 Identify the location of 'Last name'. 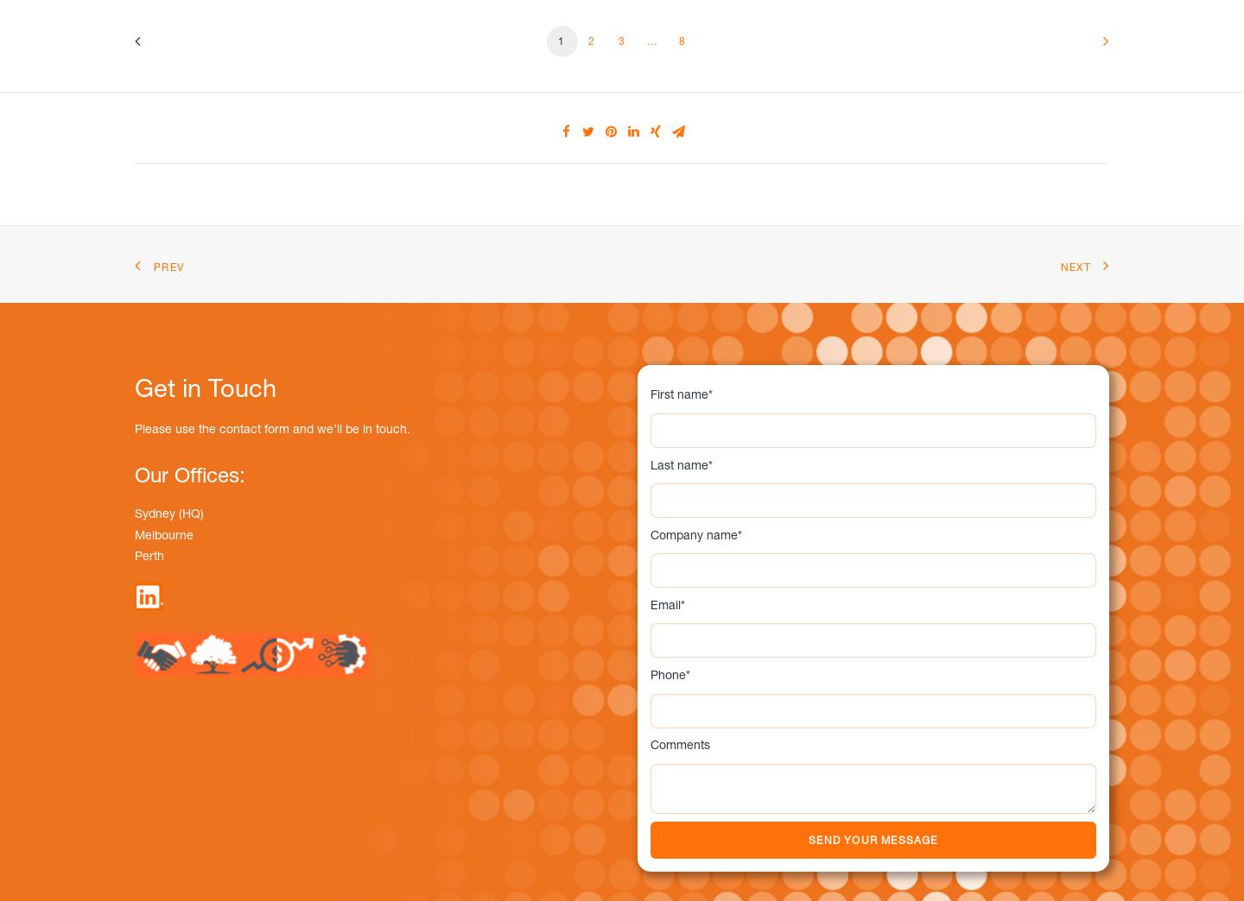
(679, 463).